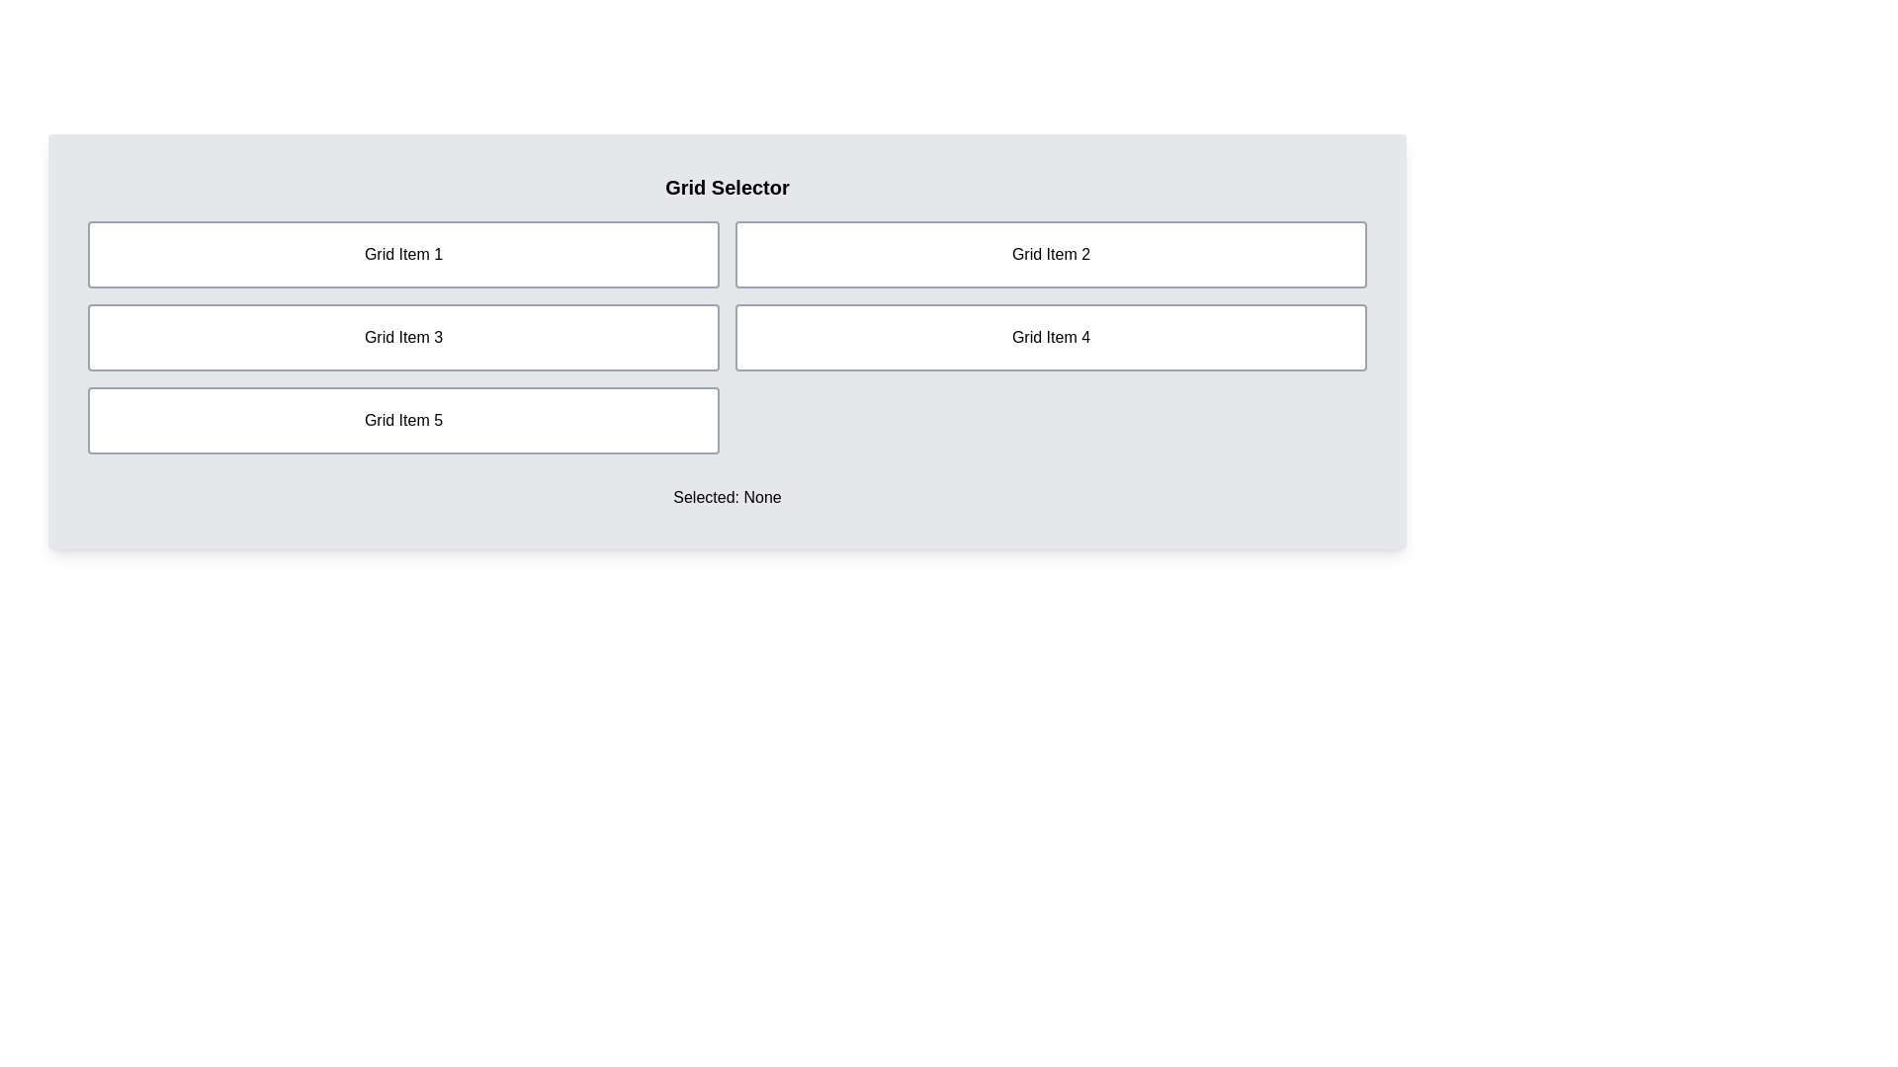 This screenshot has width=1898, height=1067. I want to click on the button-like grid item located in the second column of the third row, which is part of a selectable grid layout, so click(402, 419).